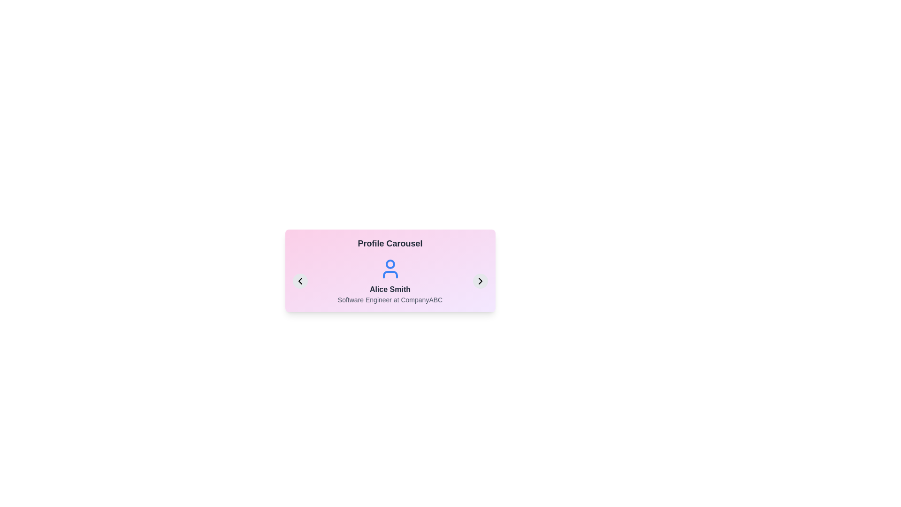  I want to click on the right arrow button to navigate to the next profile, so click(480, 280).